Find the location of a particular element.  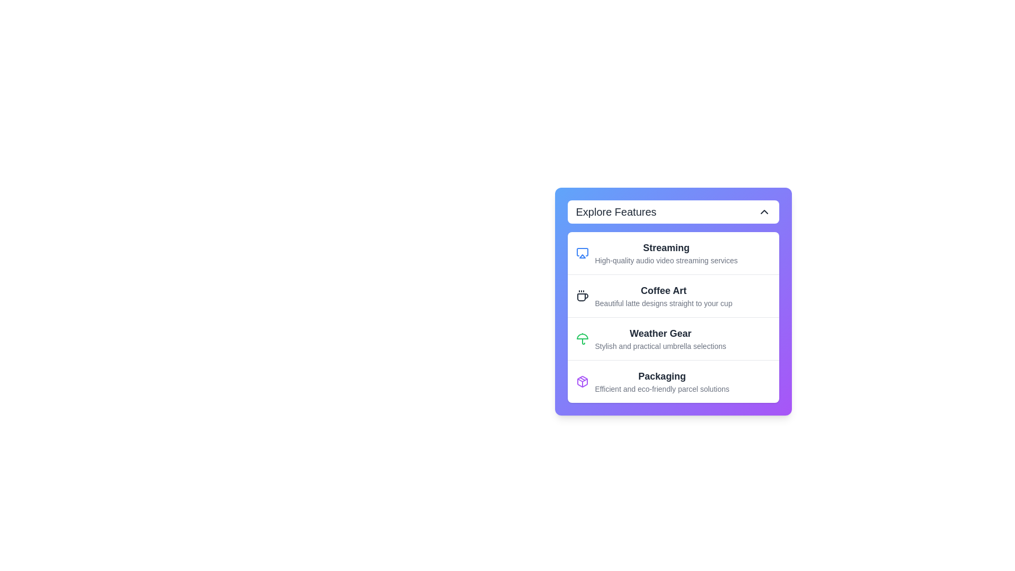

the text block titled 'Coffee Art' which is the second item in the vertical list within the card layout titled 'Explore Features' is located at coordinates (663, 296).